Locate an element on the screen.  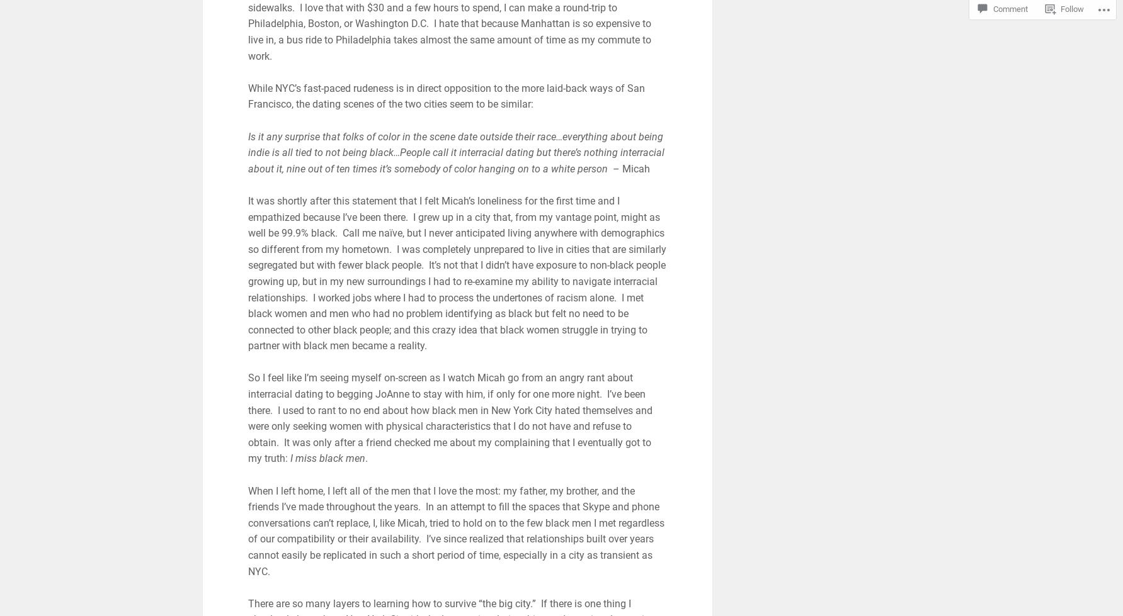
'When I left home, I left all of the men that I love the most: my father, my brother, and the friends I’ve made throughout the years.  In an attempt to fill the spaces that Skype and phone conversations can’t replace, I, like Micah, tried to hold on to the few black men I met regardless of our compatibility or their availability.  I’ve since realized that relationships built over years cannot easily be replicated in such a short period of time, especially in a city as transient as NYC.' is located at coordinates (455, 530).